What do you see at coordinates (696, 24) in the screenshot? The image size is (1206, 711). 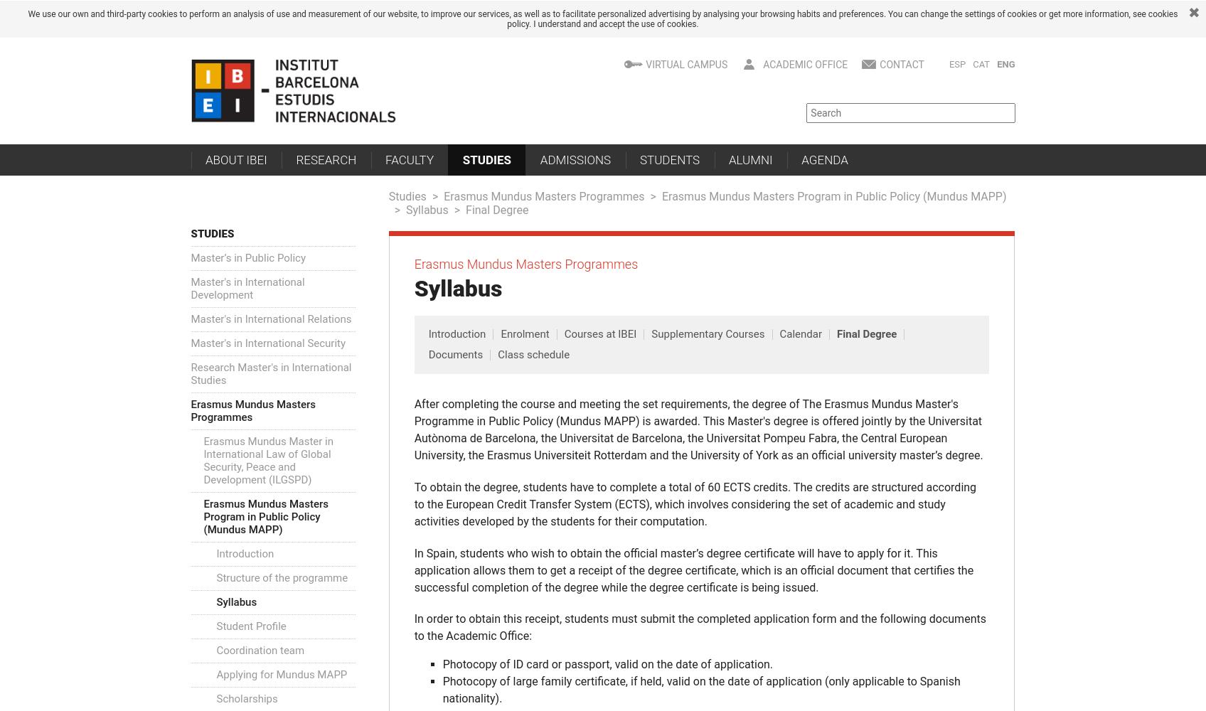 I see `'.'` at bounding box center [696, 24].